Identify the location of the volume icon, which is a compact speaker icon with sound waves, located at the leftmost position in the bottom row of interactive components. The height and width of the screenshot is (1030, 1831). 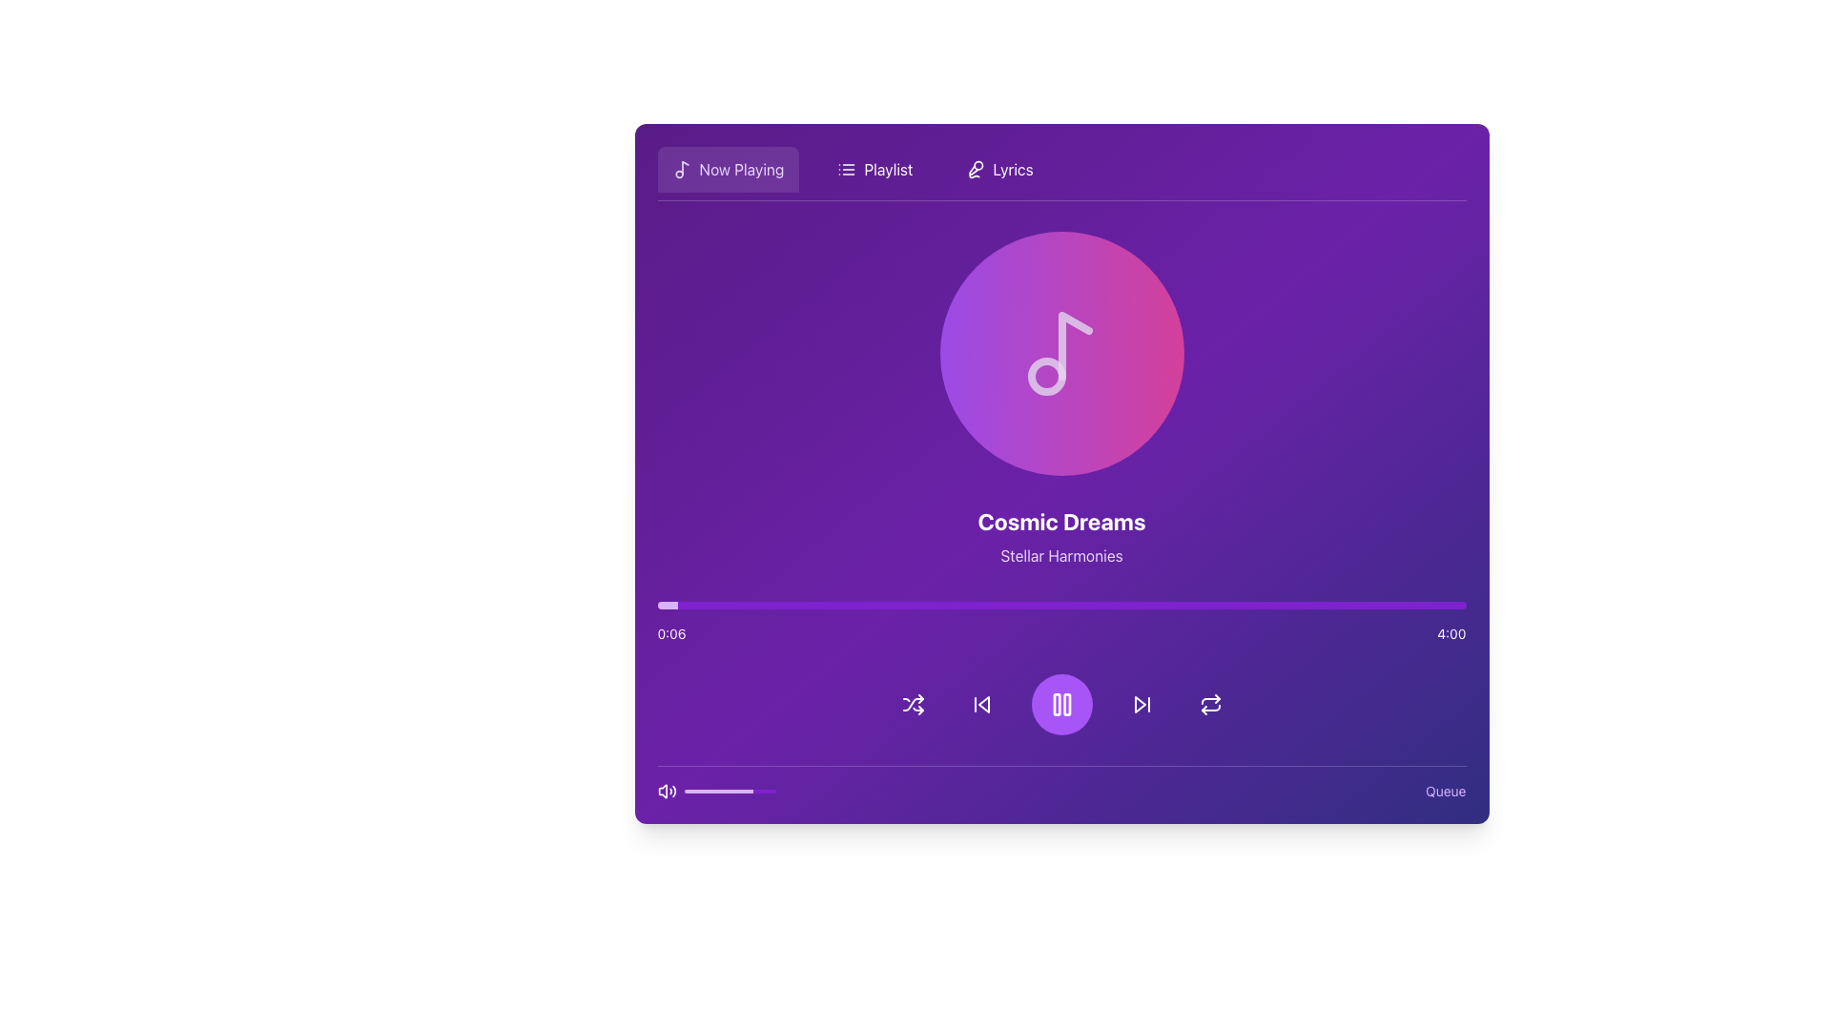
(667, 791).